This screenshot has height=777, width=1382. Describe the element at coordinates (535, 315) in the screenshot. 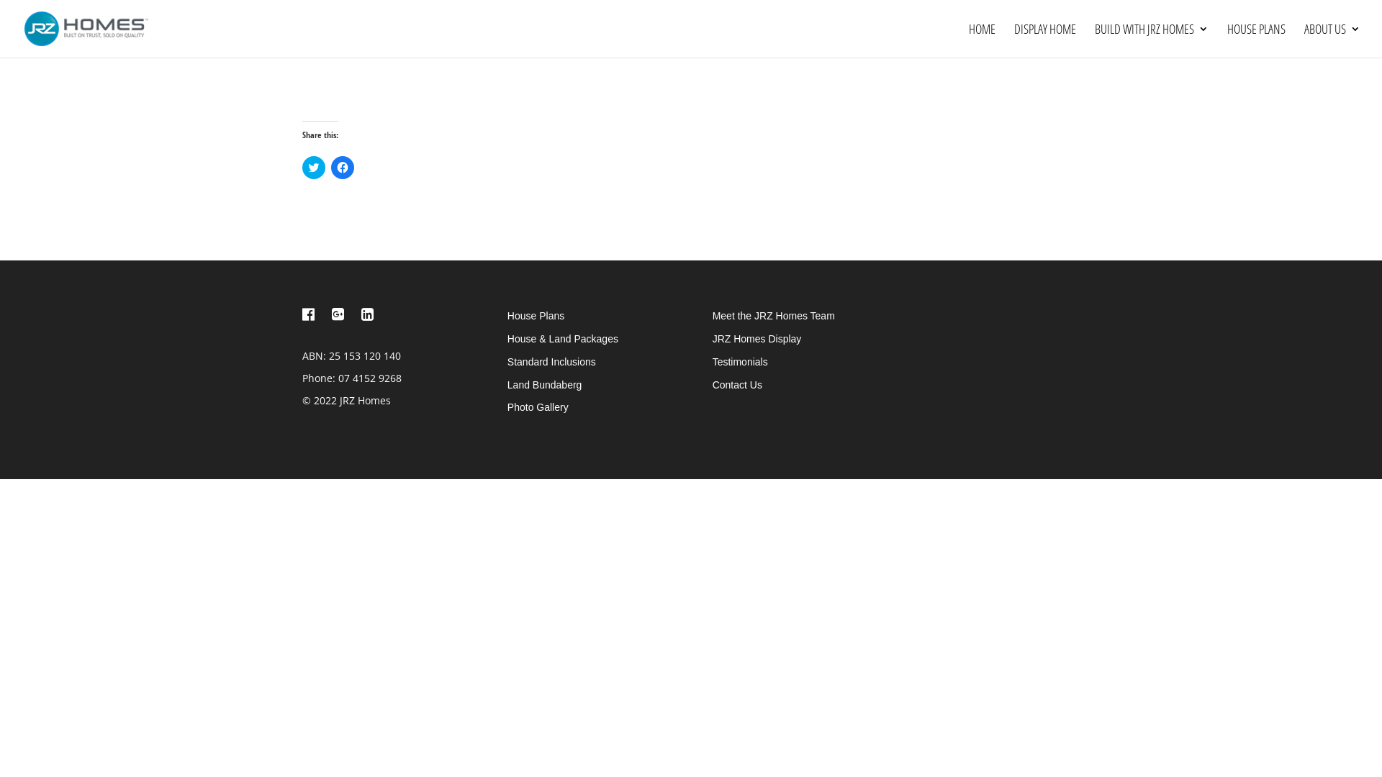

I see `'House Plans'` at that location.